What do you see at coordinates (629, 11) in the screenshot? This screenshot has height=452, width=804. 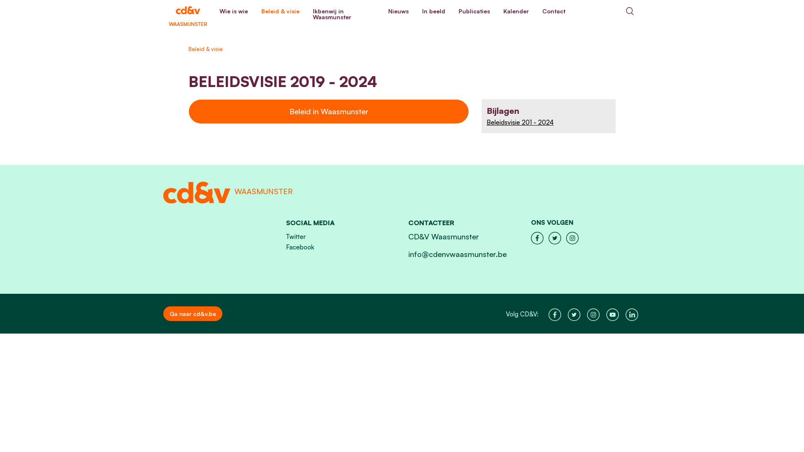 I see `'Search'` at bounding box center [629, 11].